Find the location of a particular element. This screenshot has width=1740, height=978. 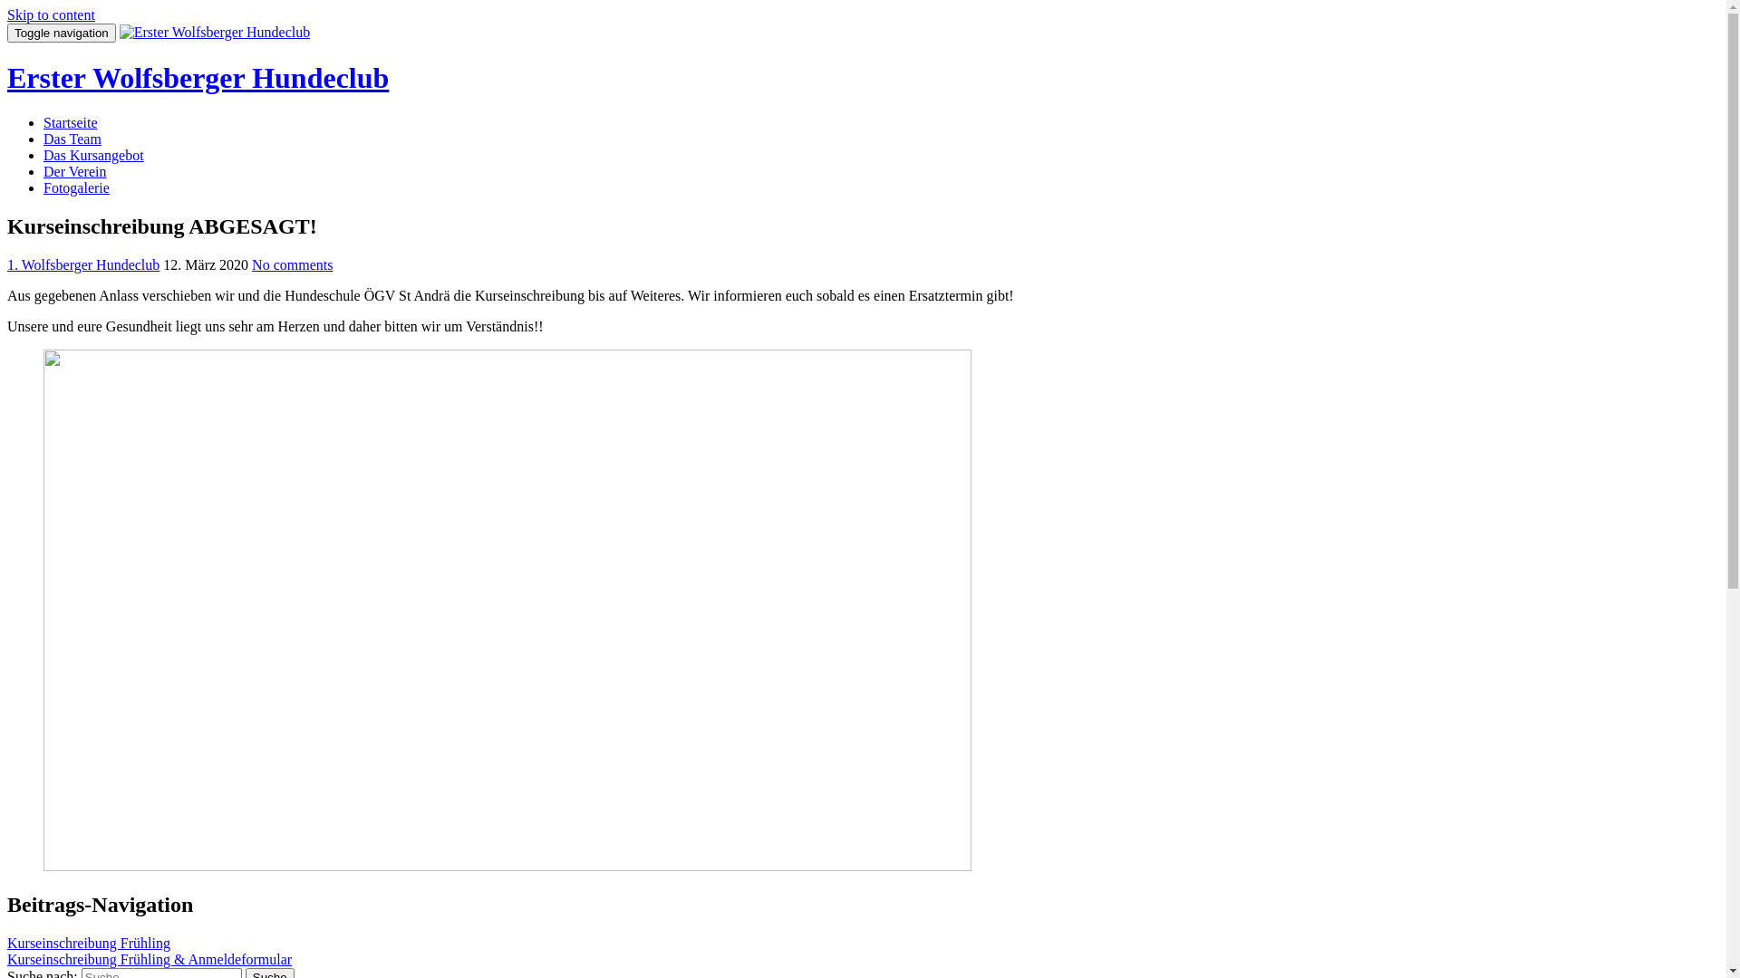

'1. Wolfsberger Hundeclub' is located at coordinates (7, 264).